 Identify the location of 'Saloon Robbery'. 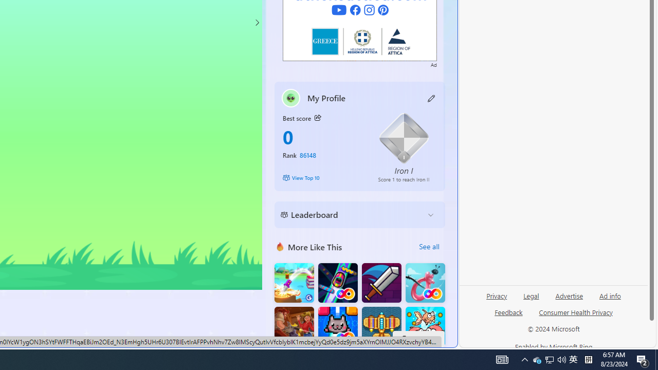
(294, 326).